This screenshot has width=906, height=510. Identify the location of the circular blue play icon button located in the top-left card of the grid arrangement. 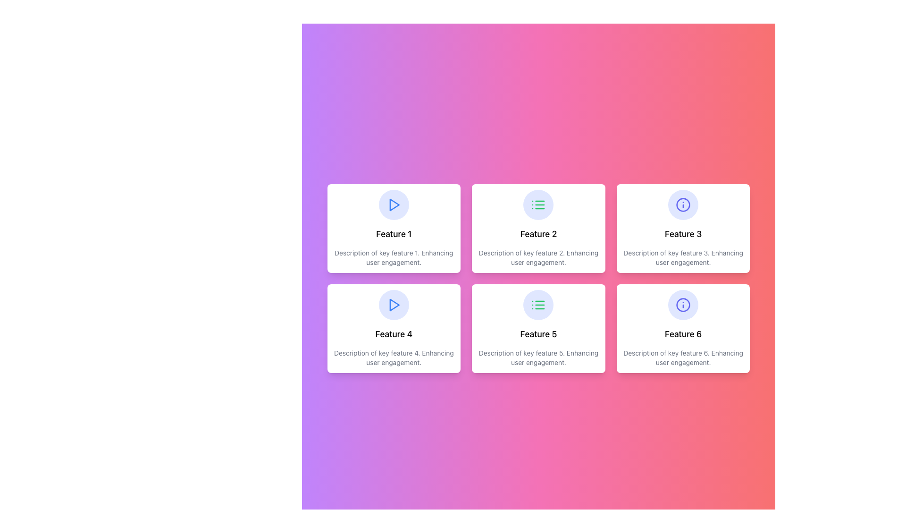
(394, 204).